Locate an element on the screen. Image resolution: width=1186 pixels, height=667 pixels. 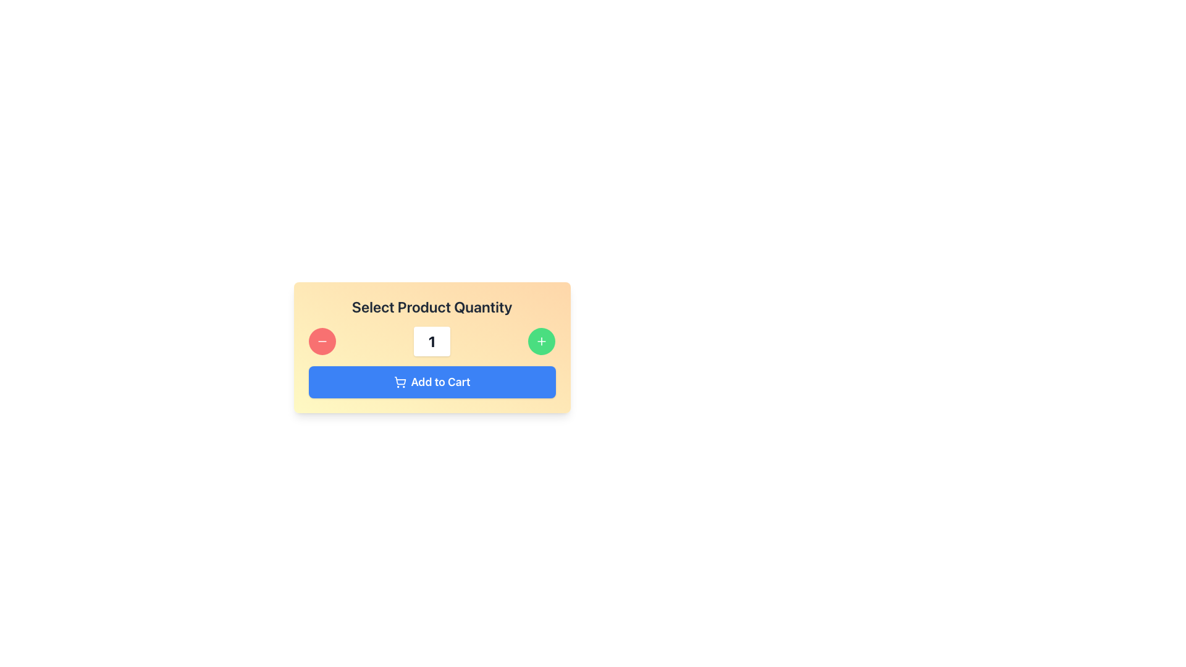
value displayed in the text element that shows '1' in bold font, centered within a white background, bordered with a thin black rounded border, located between the red circular button on the left and the green circular button on the right is located at coordinates (432, 341).